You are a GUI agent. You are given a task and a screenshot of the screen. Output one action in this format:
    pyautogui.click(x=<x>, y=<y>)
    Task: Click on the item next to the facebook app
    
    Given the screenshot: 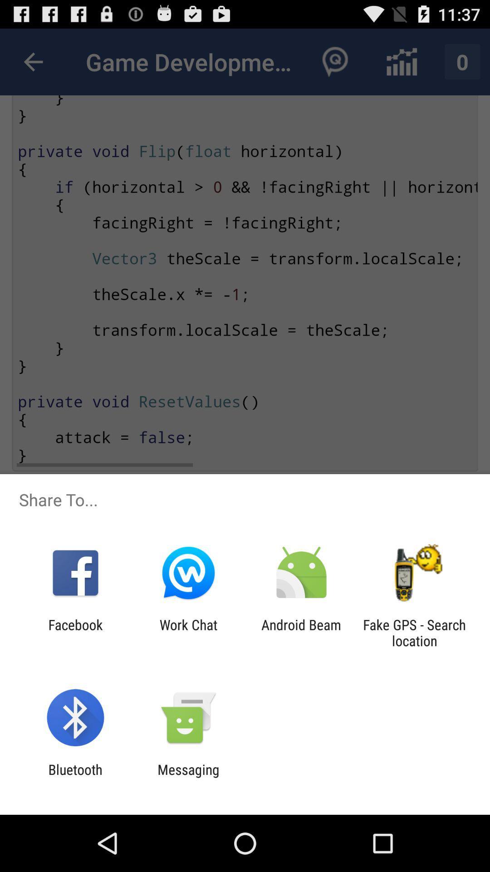 What is the action you would take?
    pyautogui.click(x=188, y=632)
    